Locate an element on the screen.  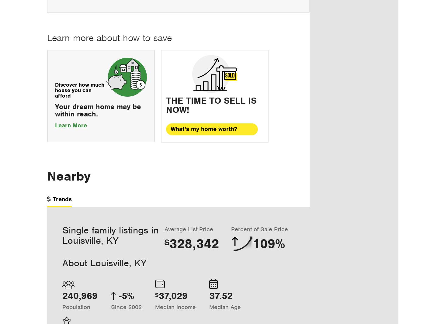
'Trends' is located at coordinates (62, 198).